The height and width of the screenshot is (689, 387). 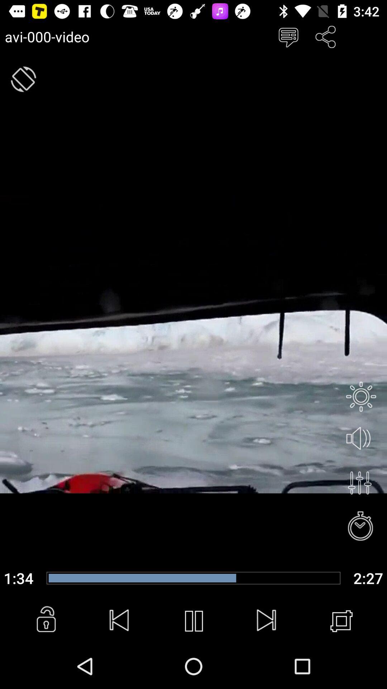 What do you see at coordinates (326, 36) in the screenshot?
I see `share option` at bounding box center [326, 36].